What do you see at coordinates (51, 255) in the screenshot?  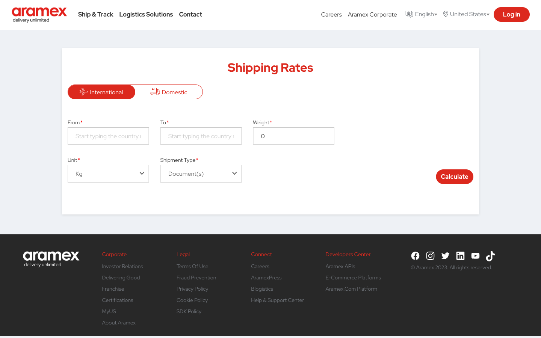 I see `Navigate back to the main page using the button placed at the below left side panel` at bounding box center [51, 255].